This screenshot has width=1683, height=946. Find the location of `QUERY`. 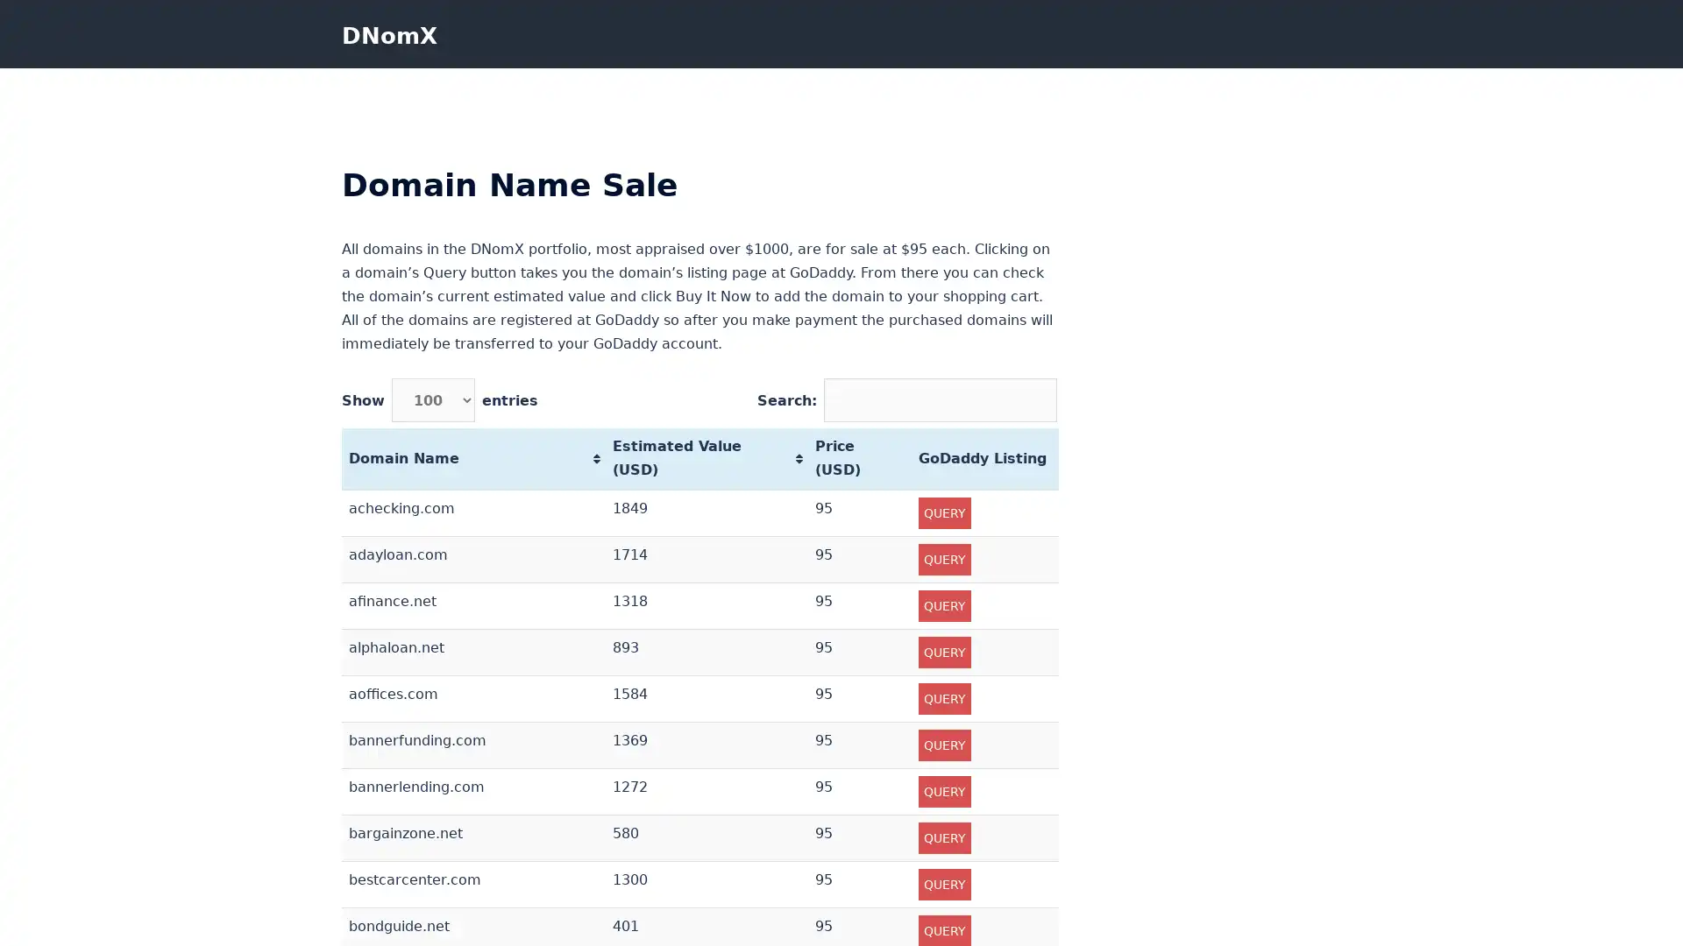

QUERY is located at coordinates (942, 652).